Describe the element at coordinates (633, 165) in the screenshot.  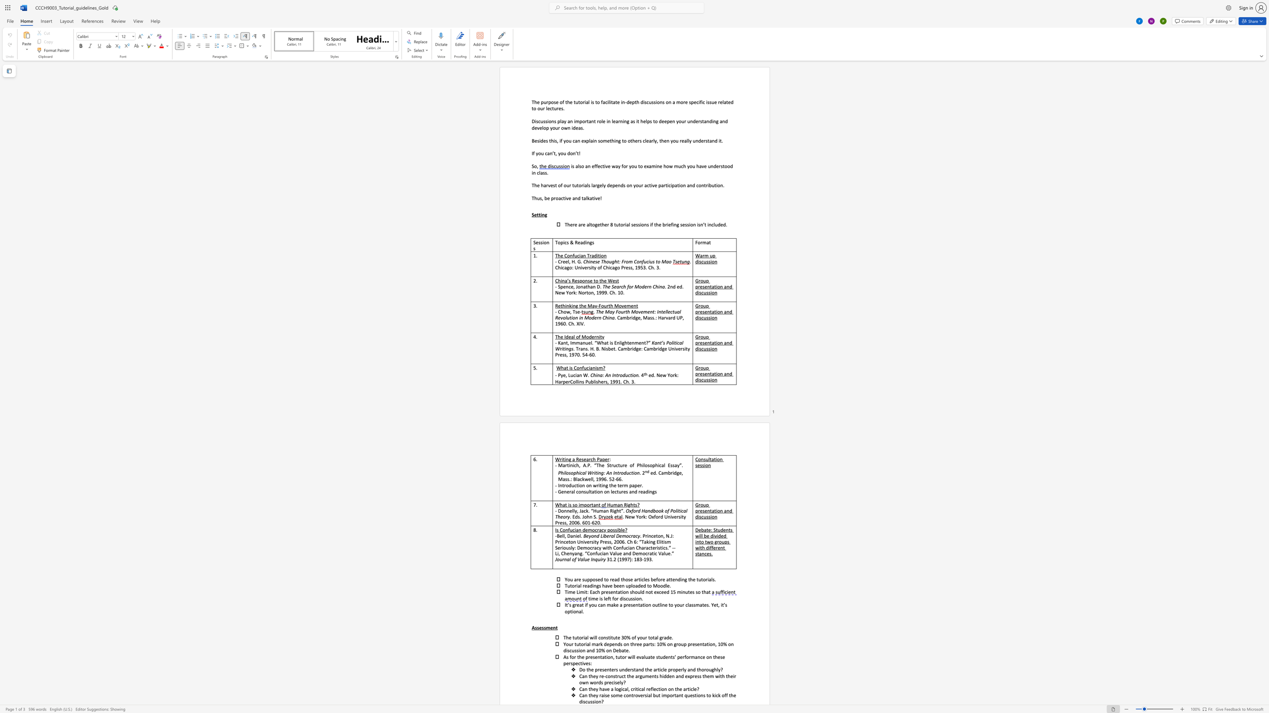
I see `the 3th character "o" in the text` at that location.